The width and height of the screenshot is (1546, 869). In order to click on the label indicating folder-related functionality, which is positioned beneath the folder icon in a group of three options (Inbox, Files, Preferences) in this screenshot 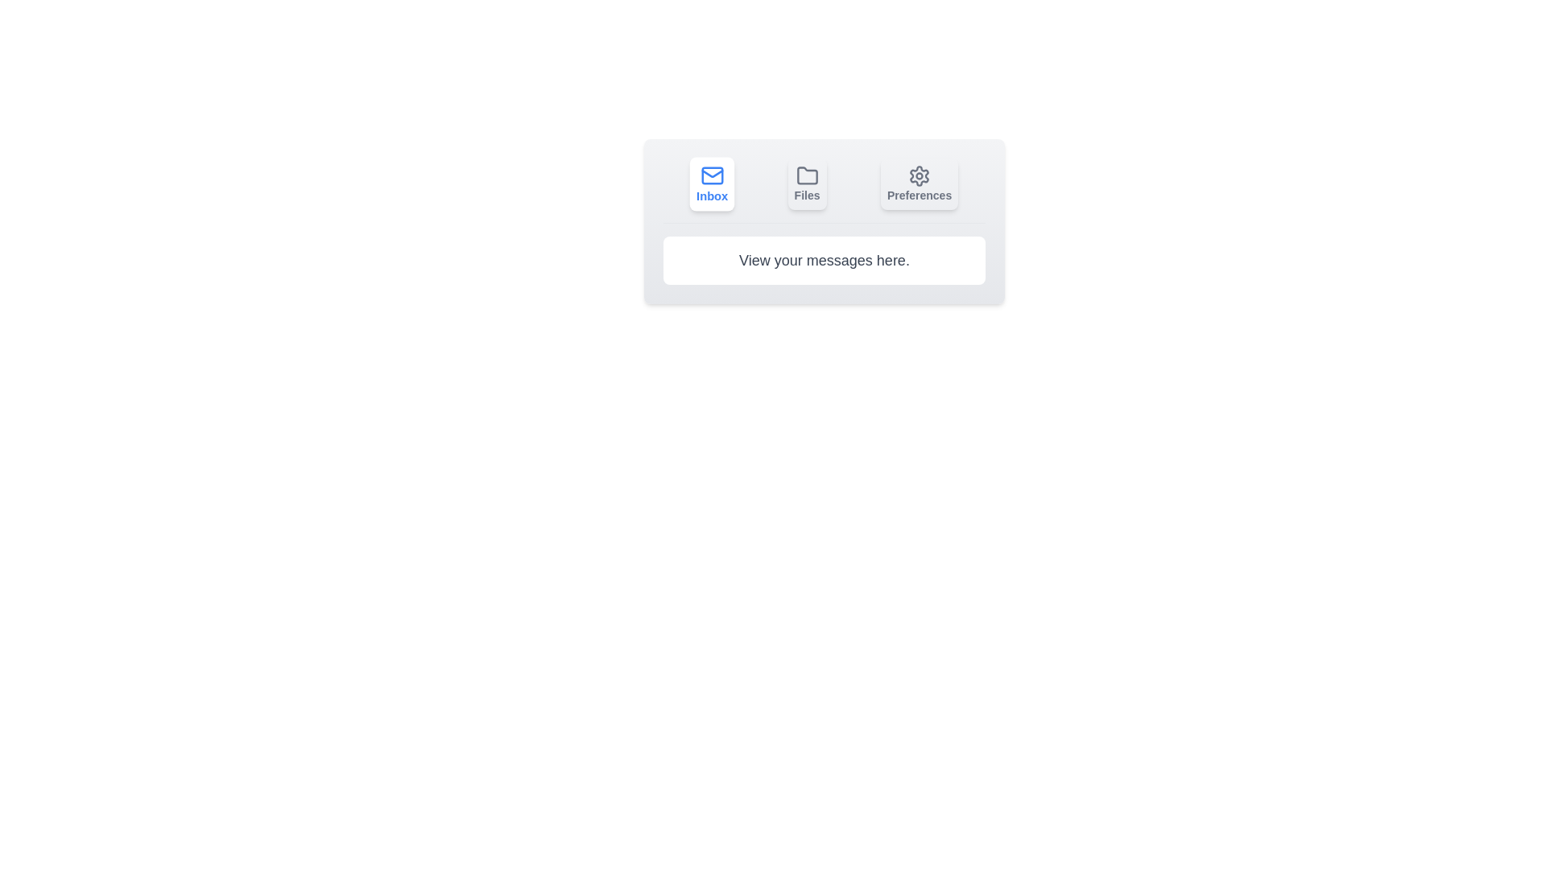, I will do `click(807, 195)`.